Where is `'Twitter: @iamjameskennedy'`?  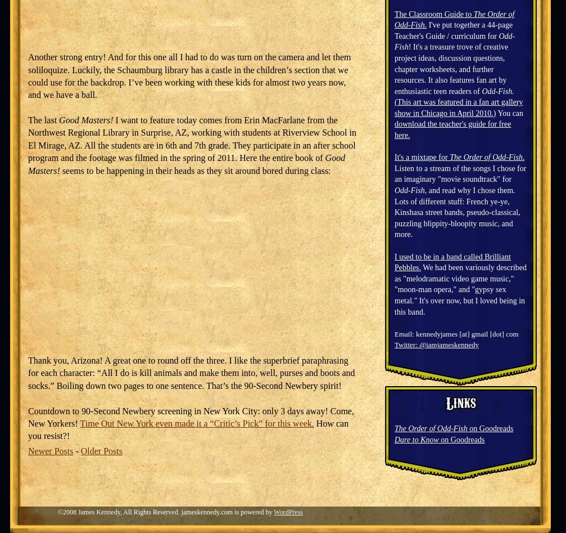
'Twitter: @iamjameskennedy' is located at coordinates (436, 344).